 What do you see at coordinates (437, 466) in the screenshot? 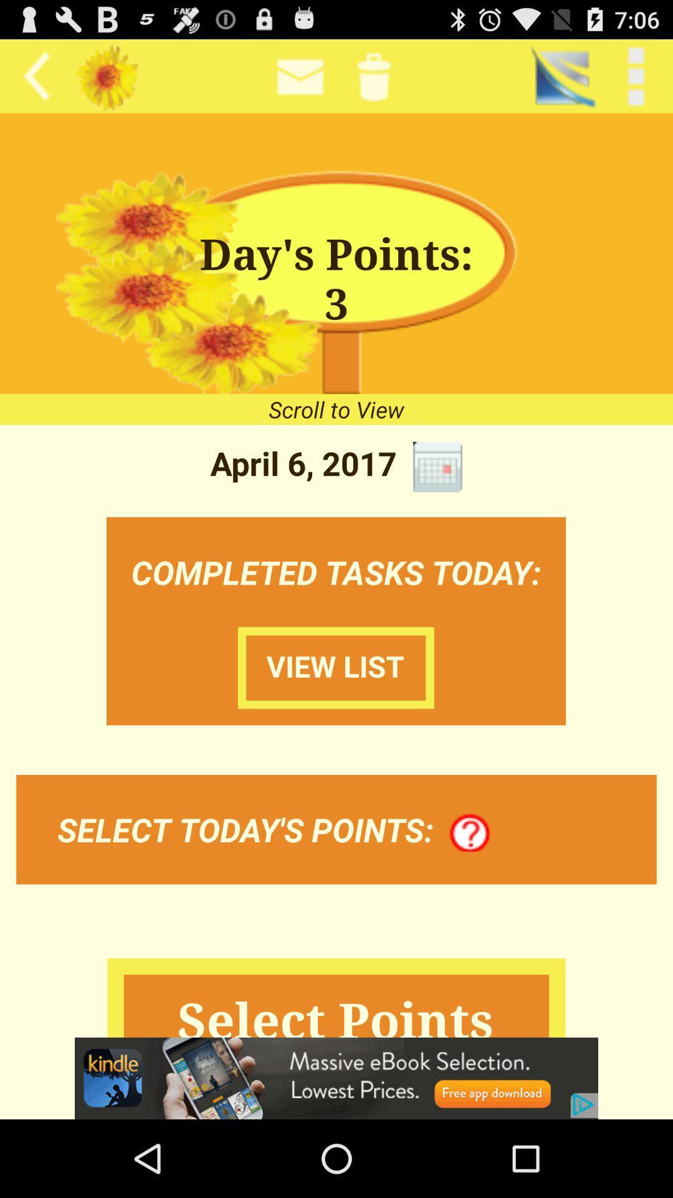
I see `item above the completed tasks today: item` at bounding box center [437, 466].